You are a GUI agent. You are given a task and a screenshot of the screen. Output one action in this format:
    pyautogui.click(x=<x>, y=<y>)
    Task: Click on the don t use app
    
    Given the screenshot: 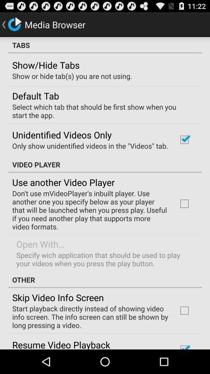 What is the action you would take?
    pyautogui.click(x=89, y=209)
    